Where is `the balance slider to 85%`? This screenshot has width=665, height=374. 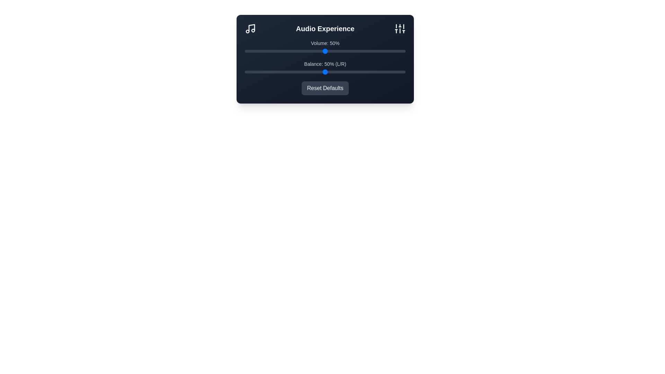 the balance slider to 85% is located at coordinates (381, 72).